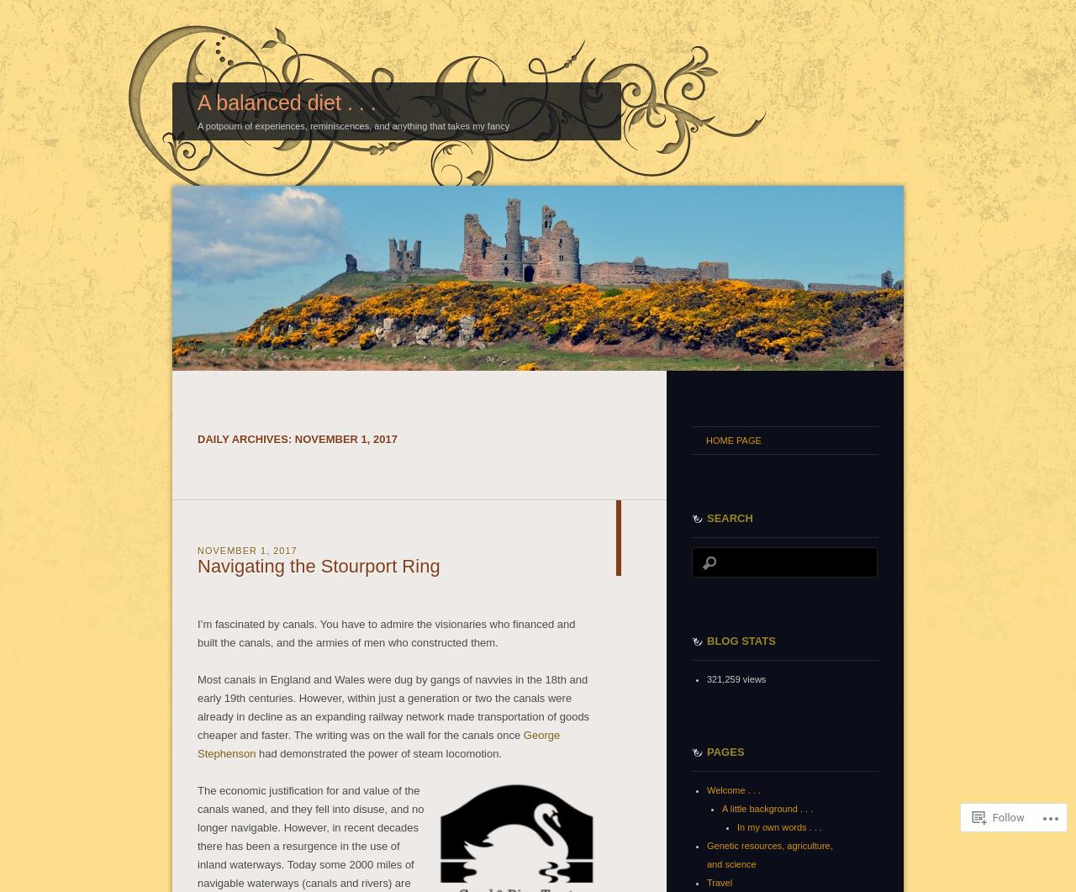 This screenshot has height=892, width=1076. What do you see at coordinates (736, 678) in the screenshot?
I see `'321,259 views'` at bounding box center [736, 678].